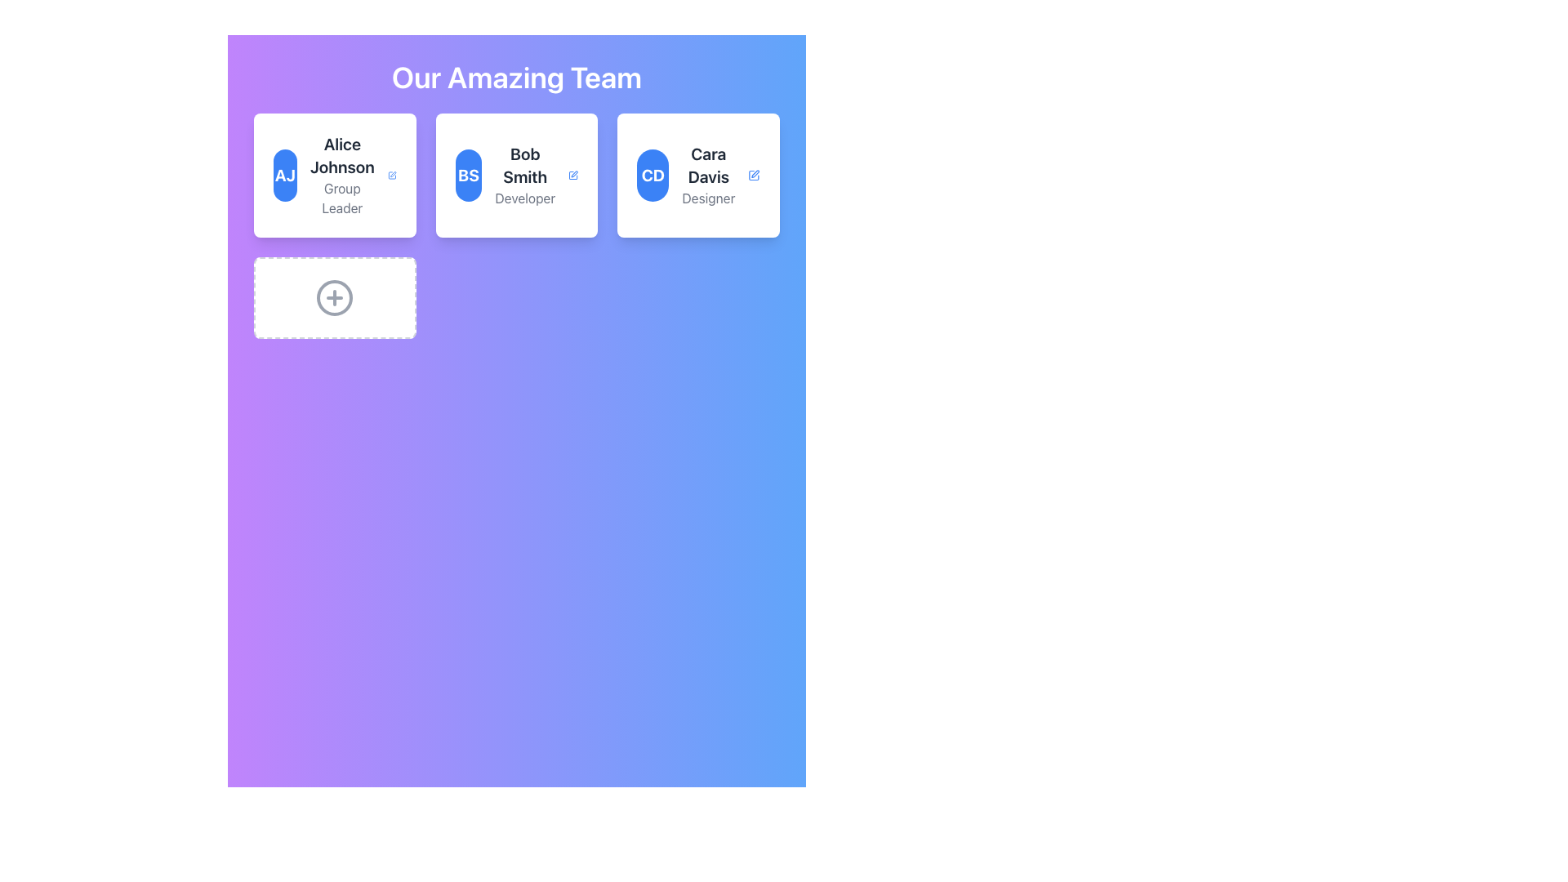  I want to click on the Text Display that presents the name and professional title (Designer) of the individual in the upper right corner of the user profile card, positioned to the right of the circular blue initials avatar displaying 'CD', so click(708, 176).